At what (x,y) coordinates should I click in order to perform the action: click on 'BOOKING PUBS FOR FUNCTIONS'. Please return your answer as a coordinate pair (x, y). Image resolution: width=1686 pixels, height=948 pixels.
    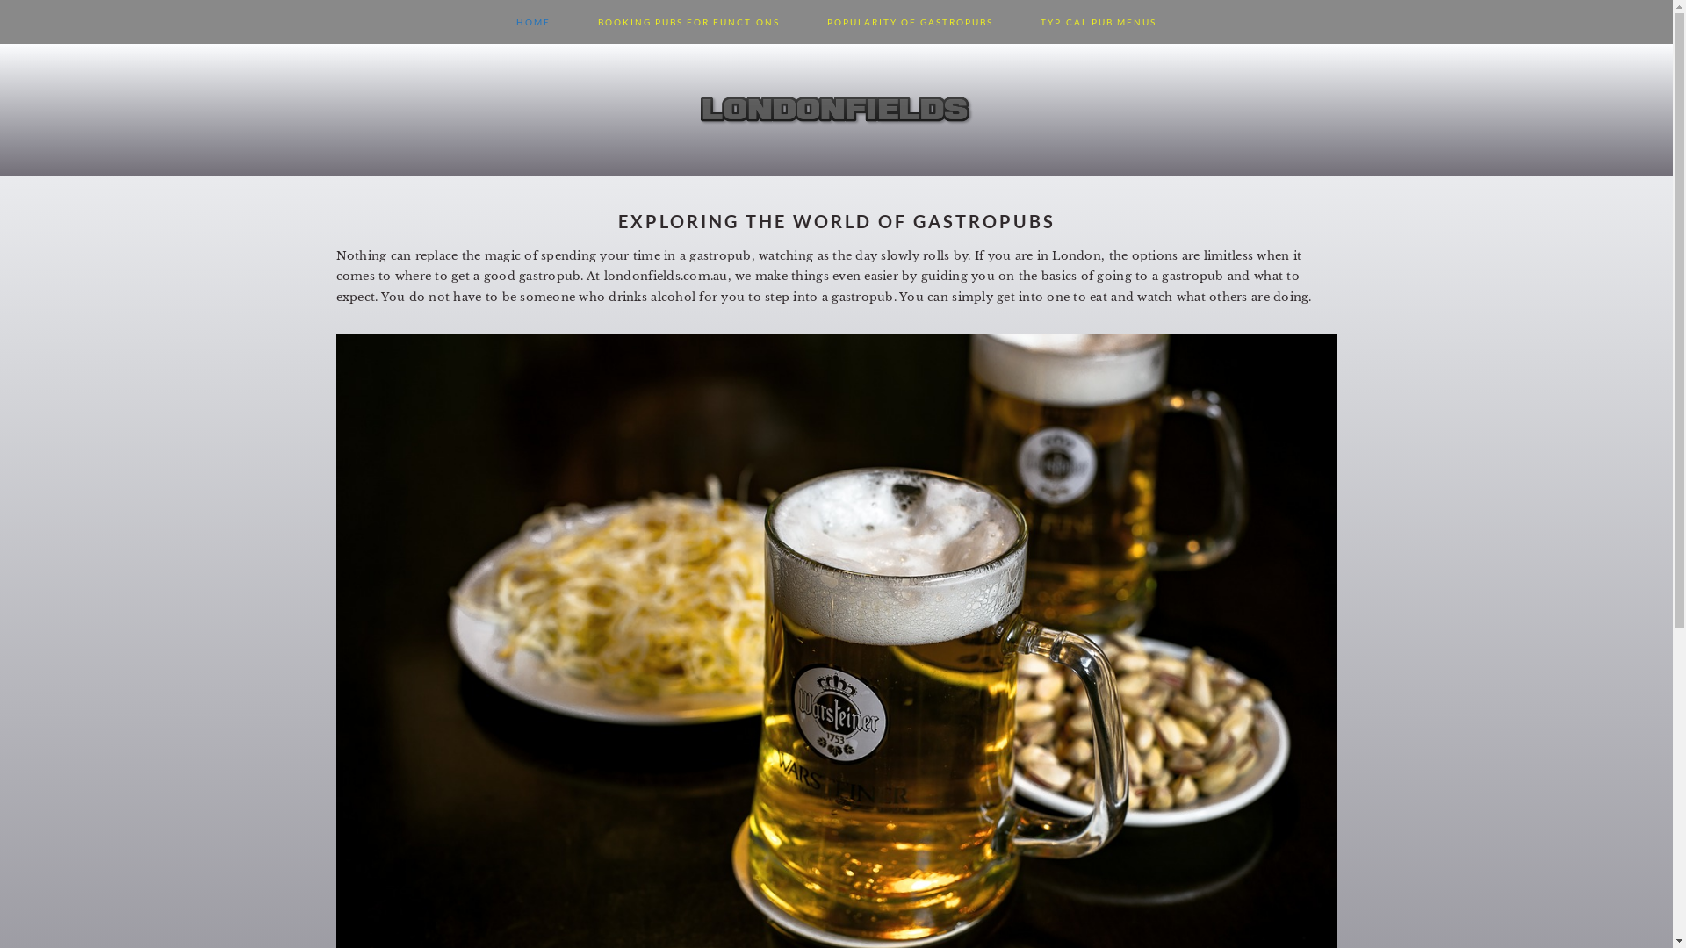
    Looking at the image, I should click on (688, 21).